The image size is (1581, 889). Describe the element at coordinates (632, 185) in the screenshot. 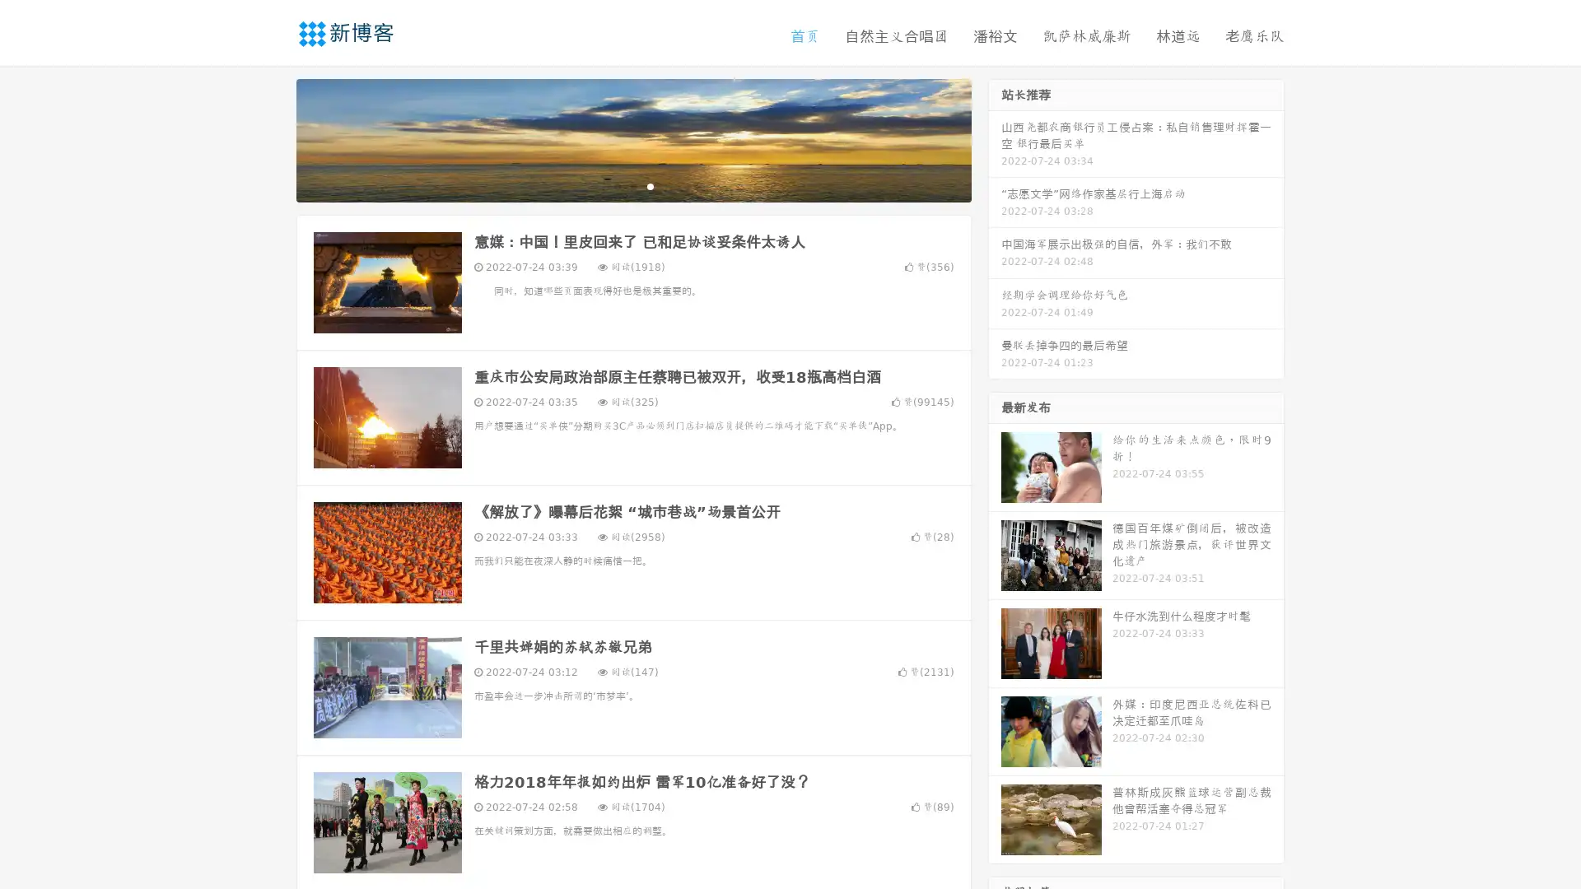

I see `Go to slide 2` at that location.